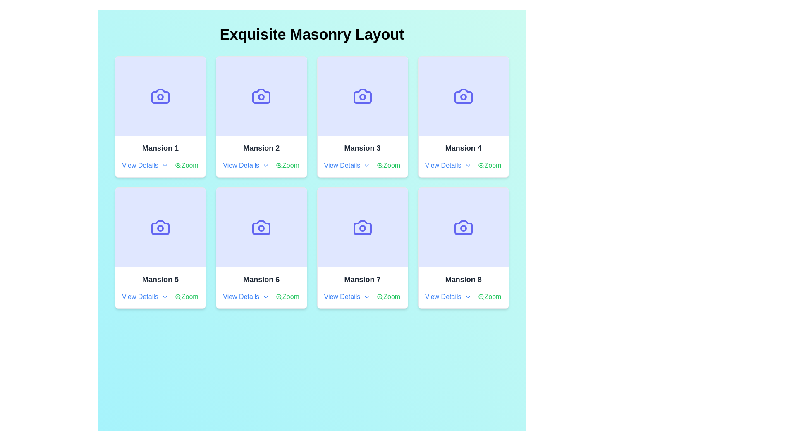 The image size is (794, 446). Describe the element at coordinates (463, 228) in the screenshot. I see `the central circle in the camera icon of the 'Mansion 8' card located in the bottom-right corner of the grid layout` at that location.